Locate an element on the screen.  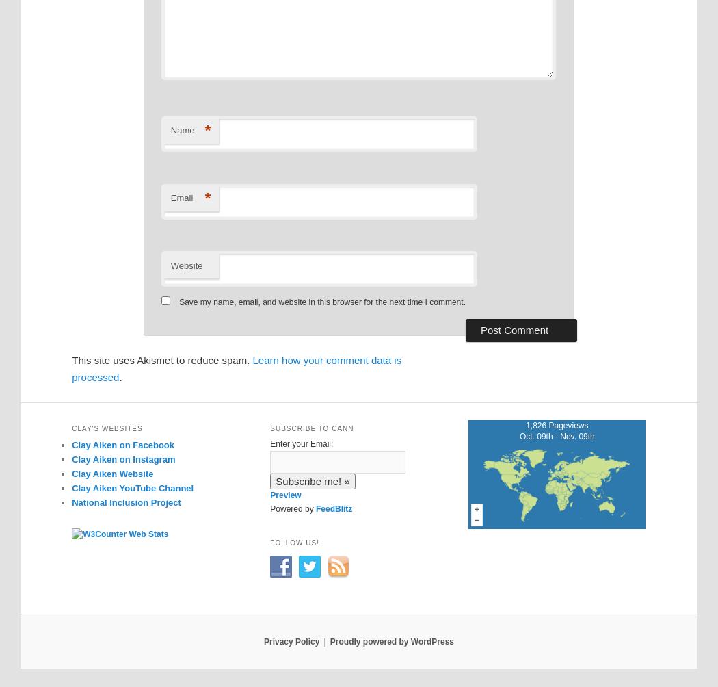
'Email' is located at coordinates (181, 197).